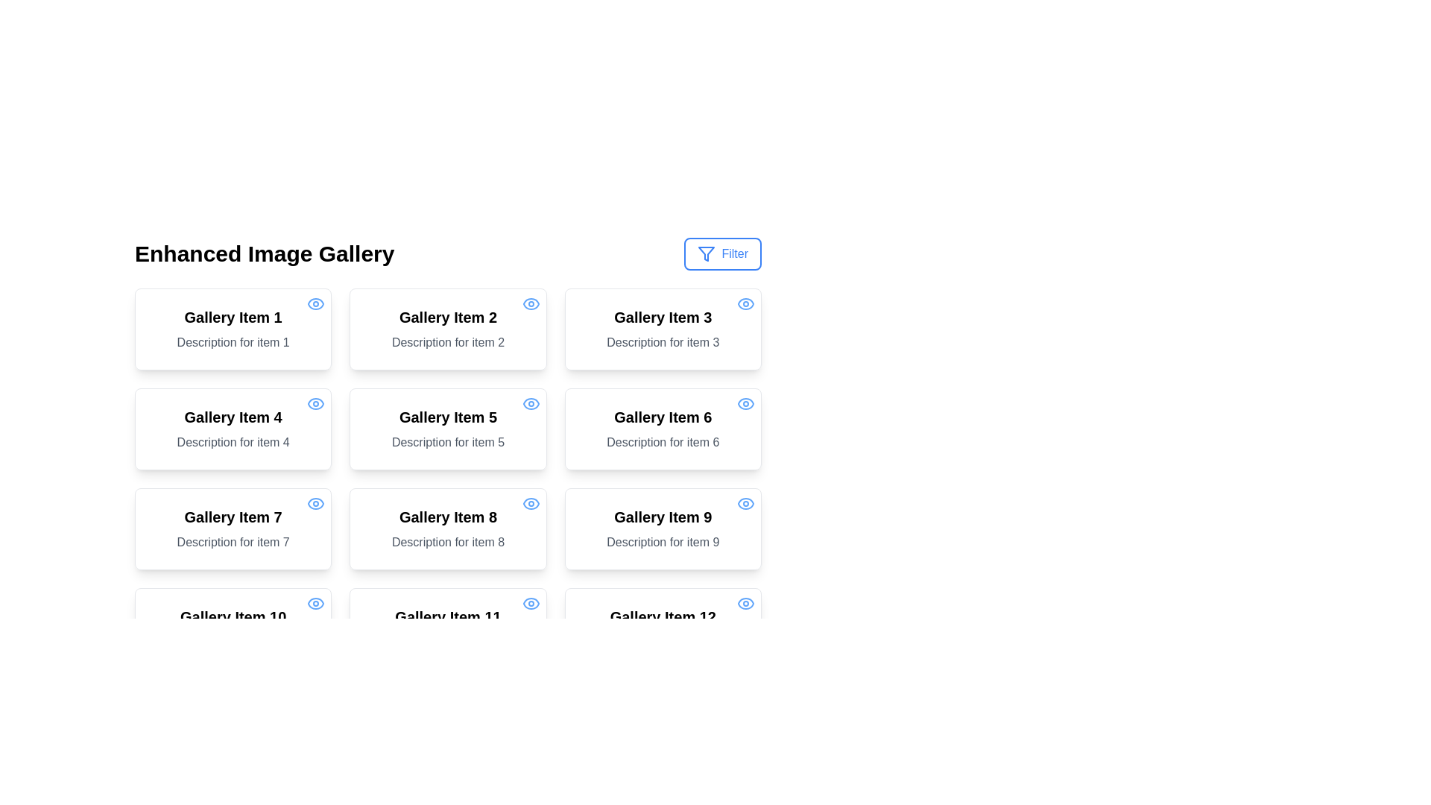 This screenshot has width=1431, height=805. Describe the element at coordinates (315, 404) in the screenshot. I see `the blue eye-shaped icon located in the top-right corner of the 'Gallery Item 4' card` at that location.